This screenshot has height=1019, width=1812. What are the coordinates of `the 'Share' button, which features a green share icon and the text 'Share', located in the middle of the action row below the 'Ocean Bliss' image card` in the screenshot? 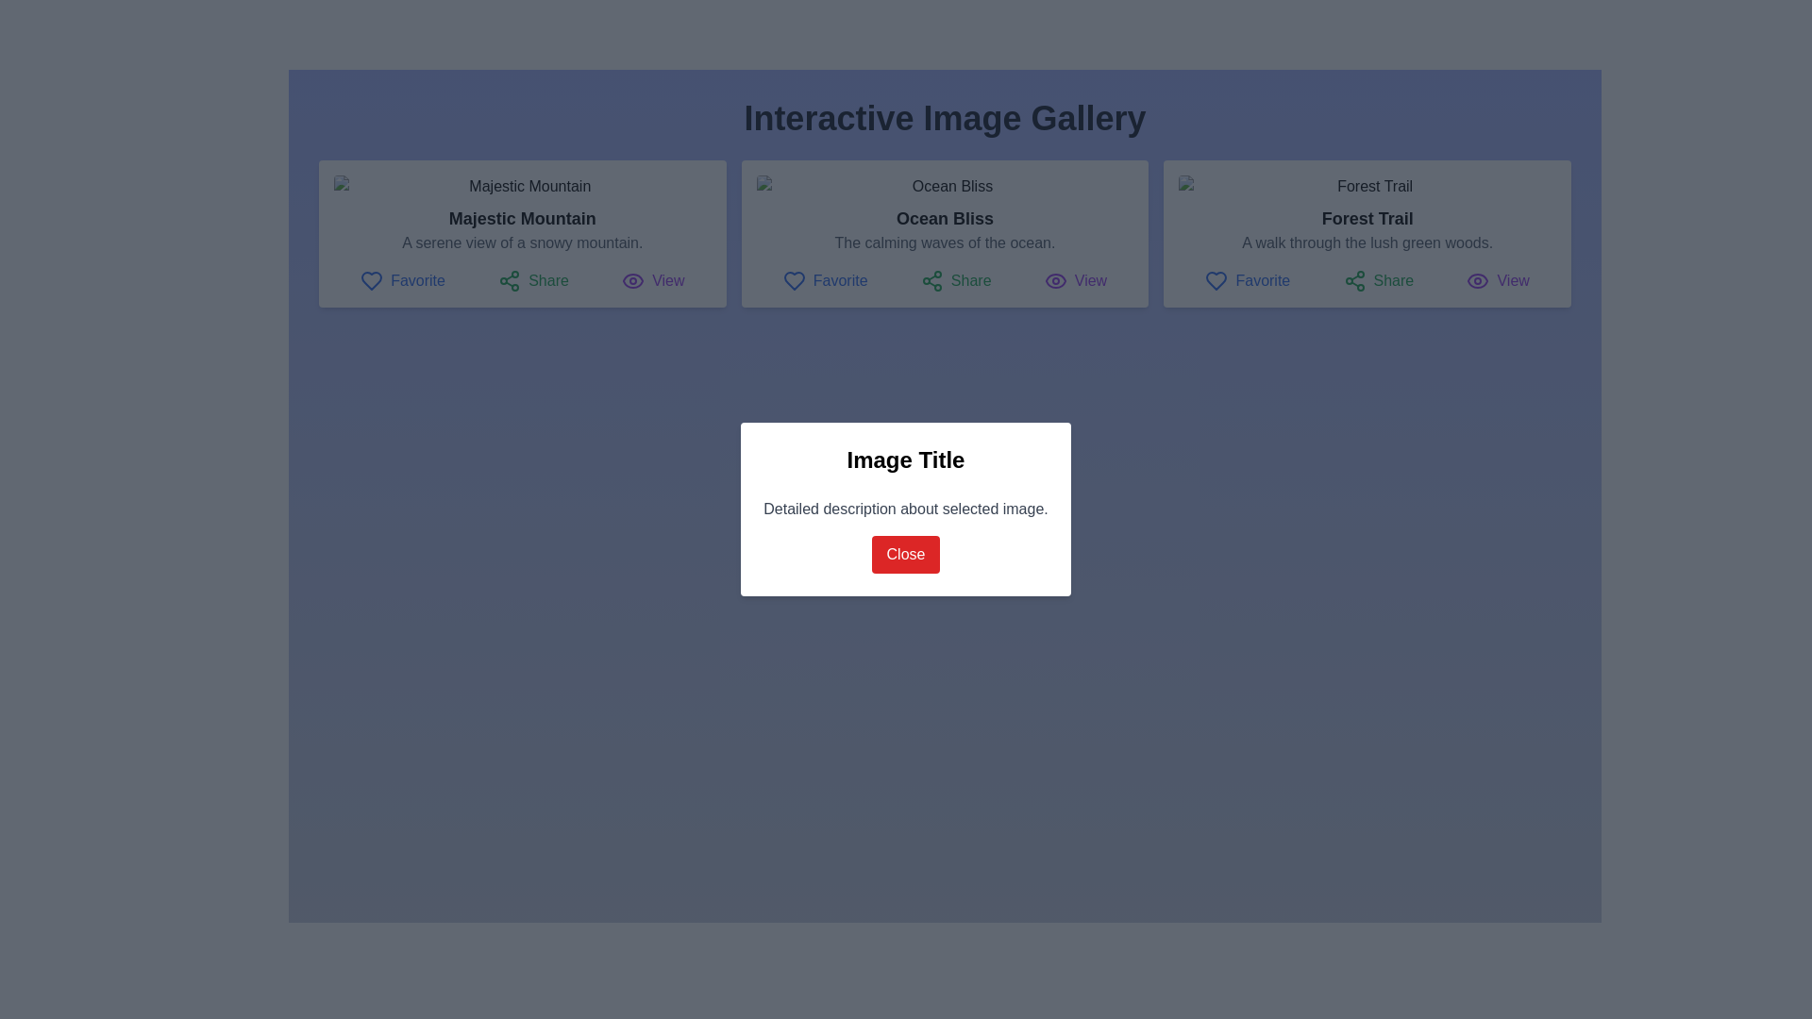 It's located at (956, 280).